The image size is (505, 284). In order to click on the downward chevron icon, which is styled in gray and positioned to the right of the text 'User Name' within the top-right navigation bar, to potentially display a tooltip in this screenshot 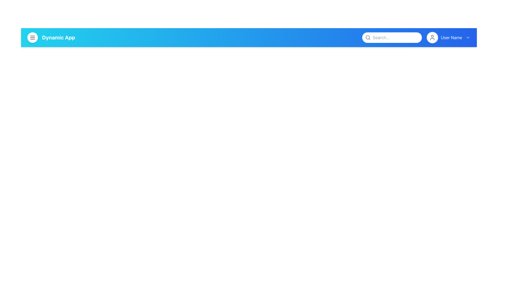, I will do `click(468, 37)`.